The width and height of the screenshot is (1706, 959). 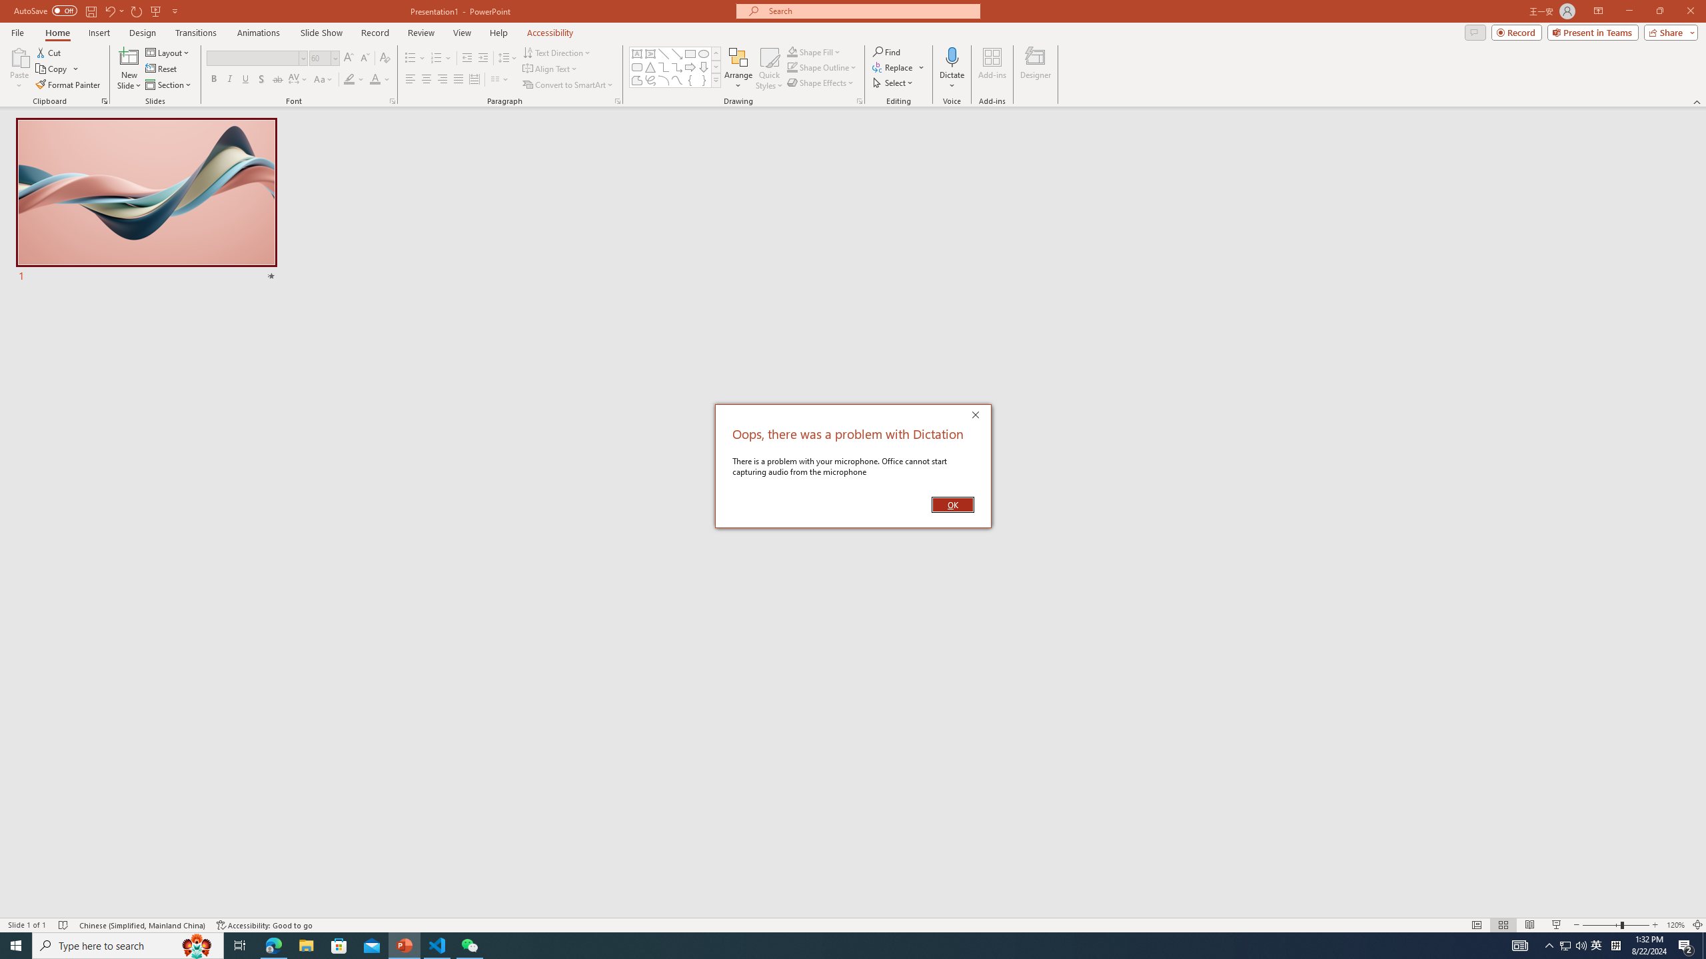 I want to click on 'Font...', so click(x=391, y=100).